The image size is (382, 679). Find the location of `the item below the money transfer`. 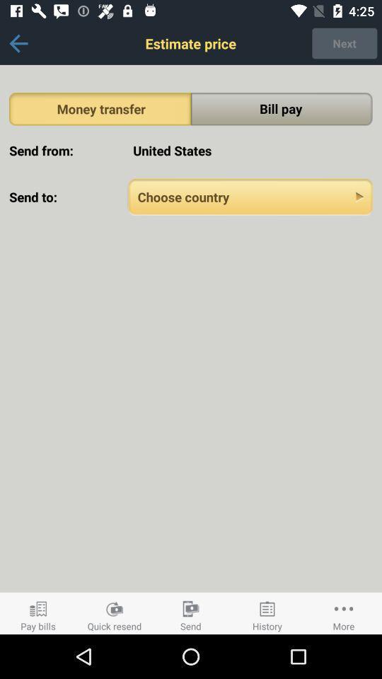

the item below the money transfer is located at coordinates (250, 151).